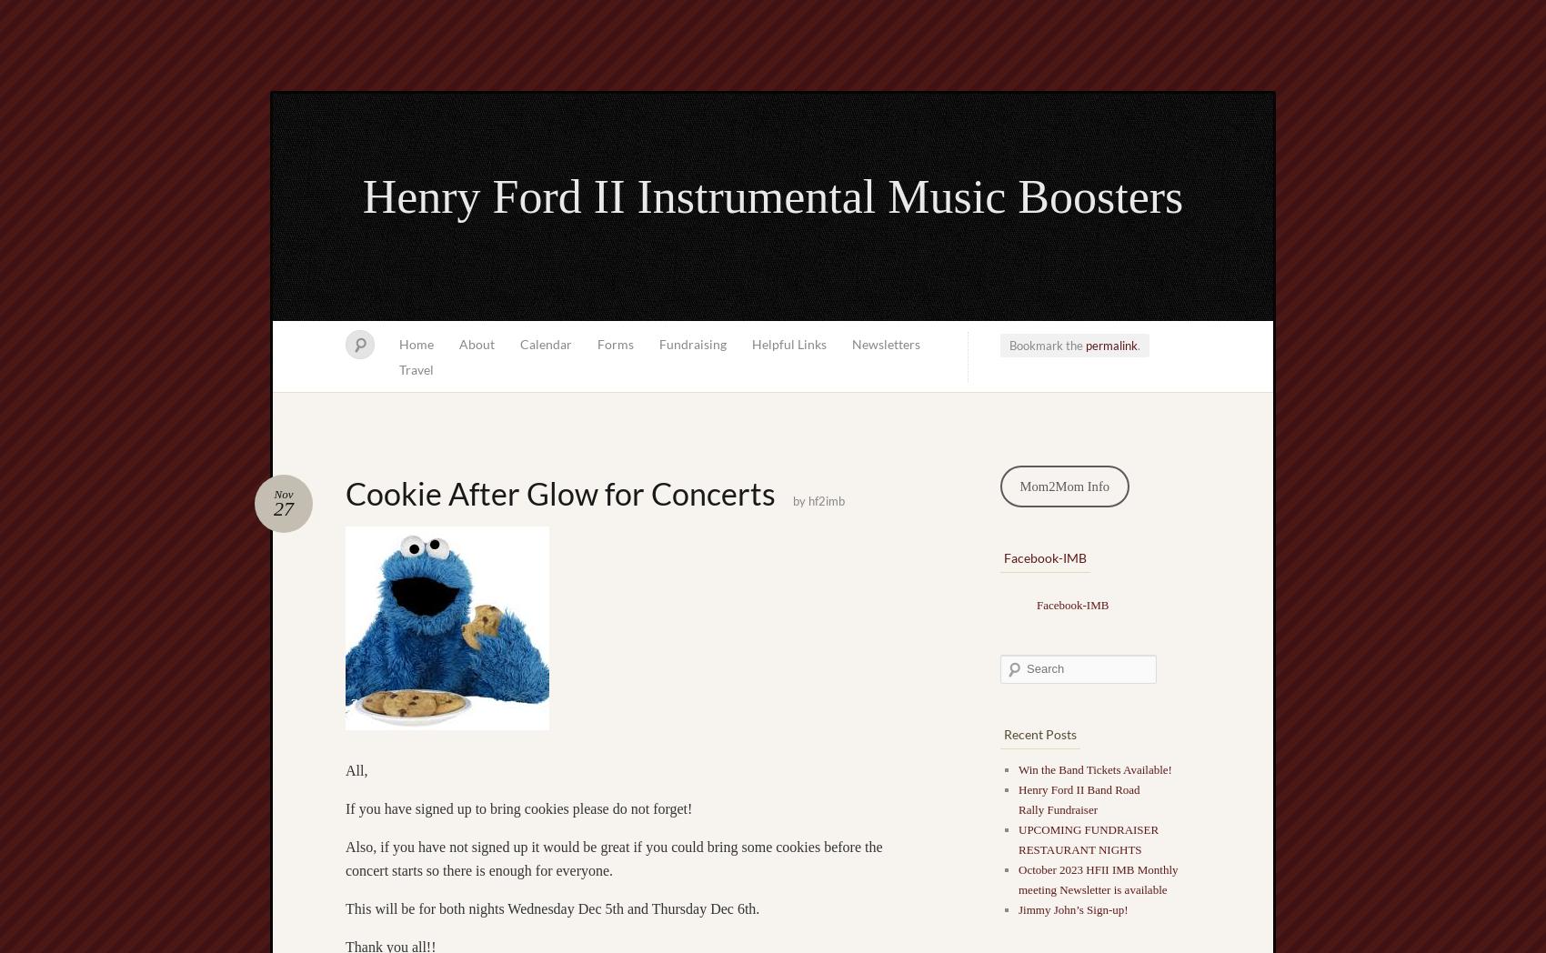 The width and height of the screenshot is (1546, 953). What do you see at coordinates (1110, 345) in the screenshot?
I see `'permalink'` at bounding box center [1110, 345].